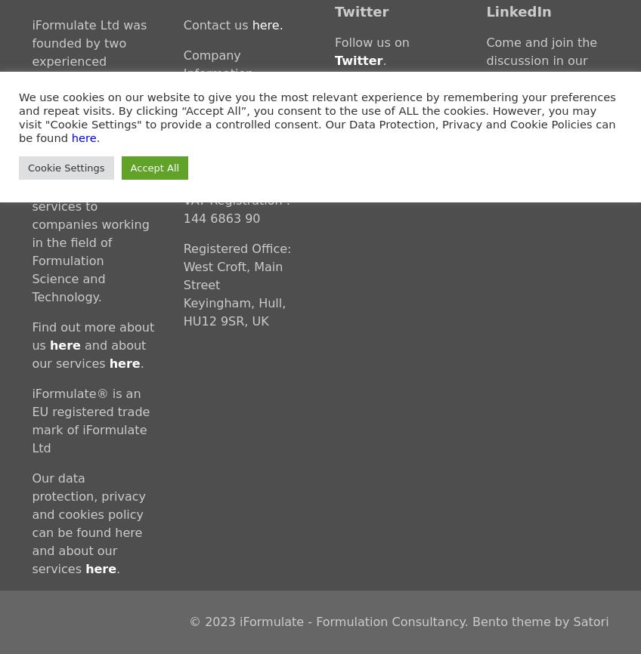 This screenshot has width=641, height=654. What do you see at coordinates (372, 42) in the screenshot?
I see `'Follow us on'` at bounding box center [372, 42].